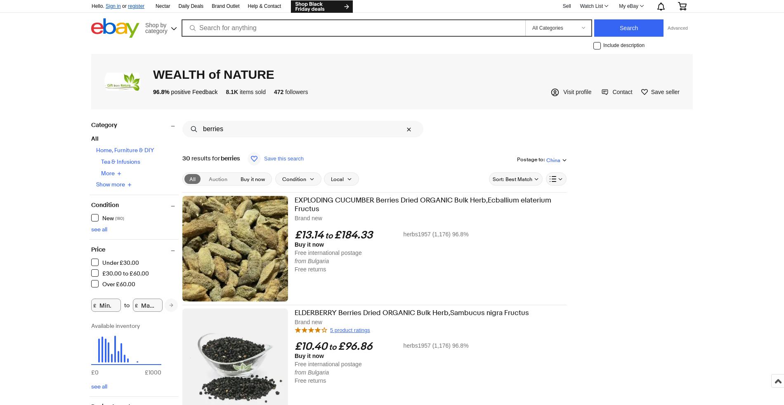  Describe the element at coordinates (162, 6) in the screenshot. I see `'Nectar'` at that location.